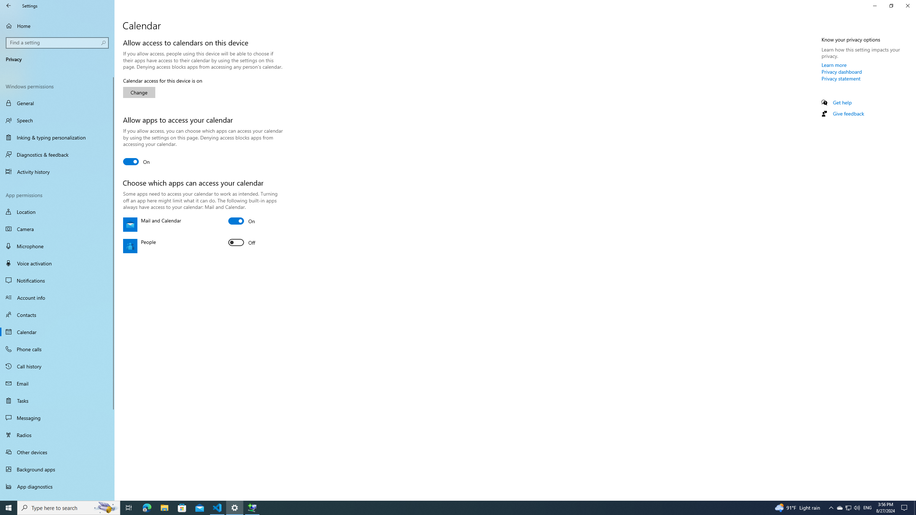 This screenshot has width=916, height=515. Describe the element at coordinates (842, 71) in the screenshot. I see `'Privacy dashboard'` at that location.